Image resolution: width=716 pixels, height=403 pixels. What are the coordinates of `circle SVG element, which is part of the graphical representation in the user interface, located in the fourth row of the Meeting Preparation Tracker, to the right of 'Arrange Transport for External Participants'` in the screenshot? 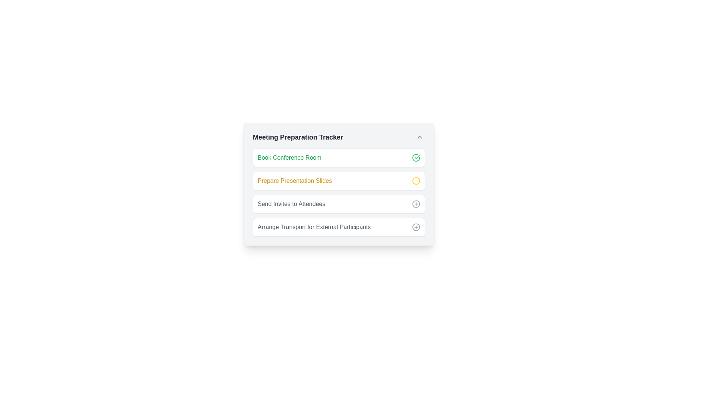 It's located at (416, 227).